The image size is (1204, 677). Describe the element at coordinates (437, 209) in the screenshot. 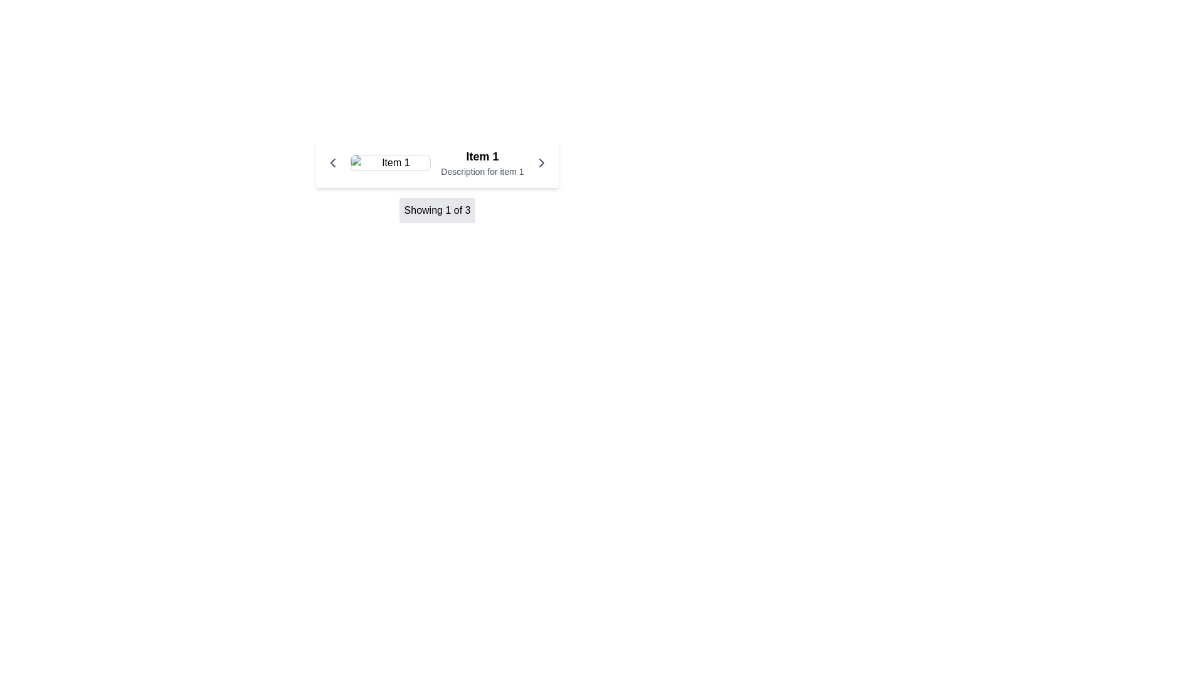

I see `the informational text box displaying 'Showing 1 of 3', which has a light gray background and rounded corners, located centrally below the main item description section` at that location.